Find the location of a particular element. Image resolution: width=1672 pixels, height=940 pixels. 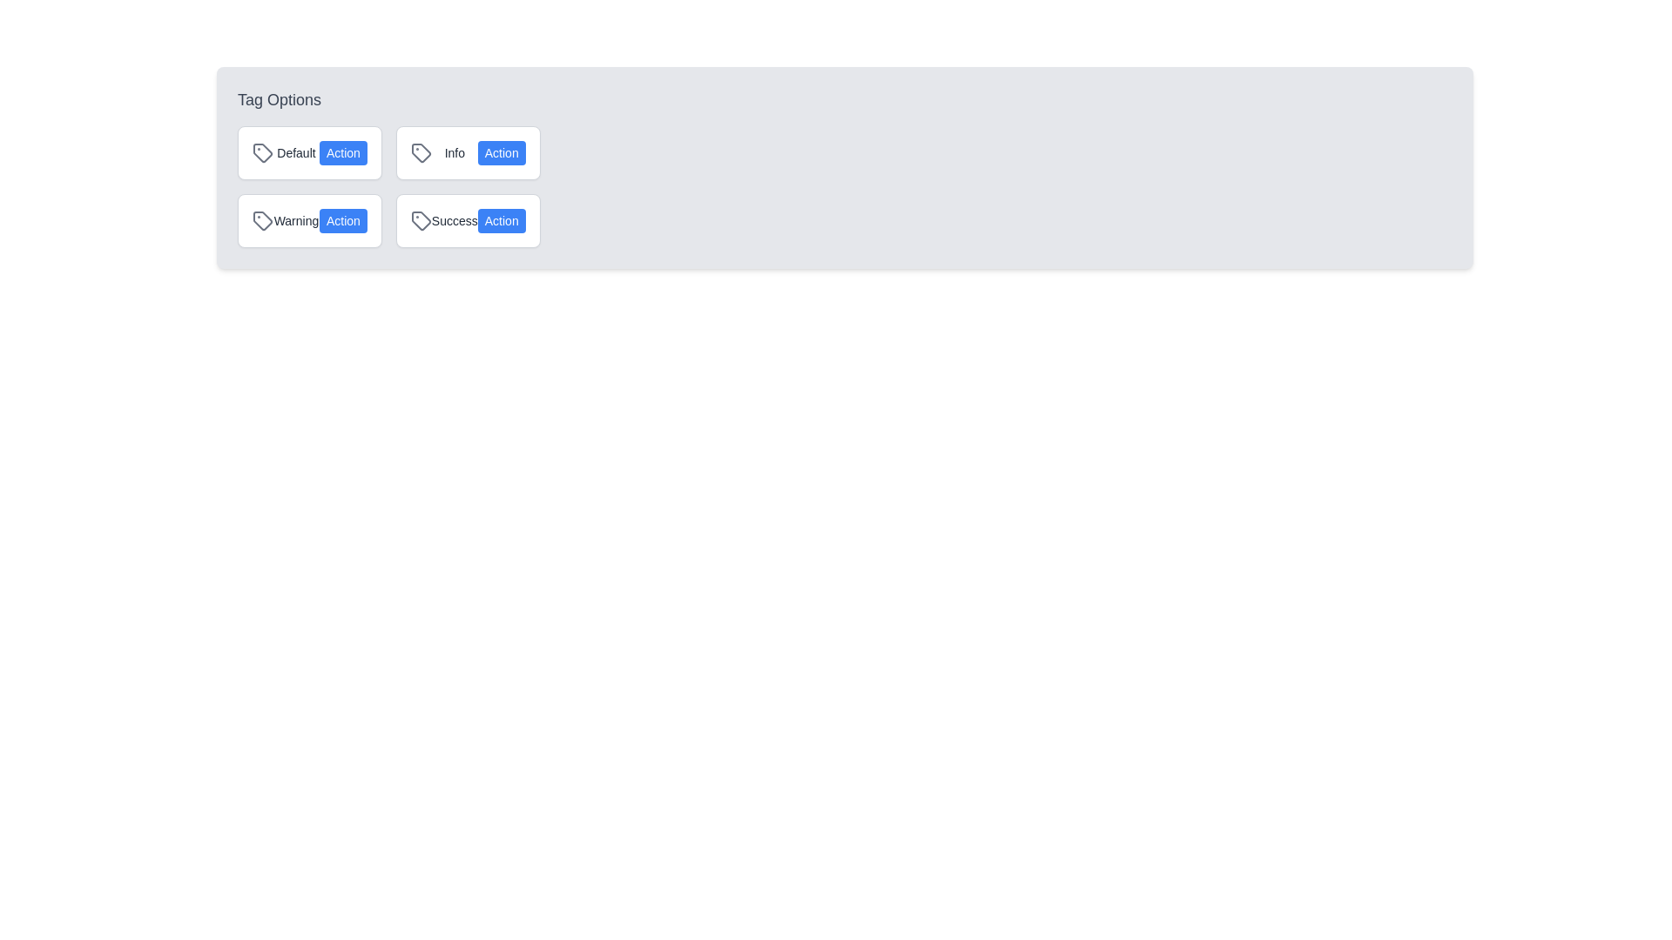

the static text label that serves as a descriptor for the tag option in the first position of the top row in the grid is located at coordinates (296, 152).